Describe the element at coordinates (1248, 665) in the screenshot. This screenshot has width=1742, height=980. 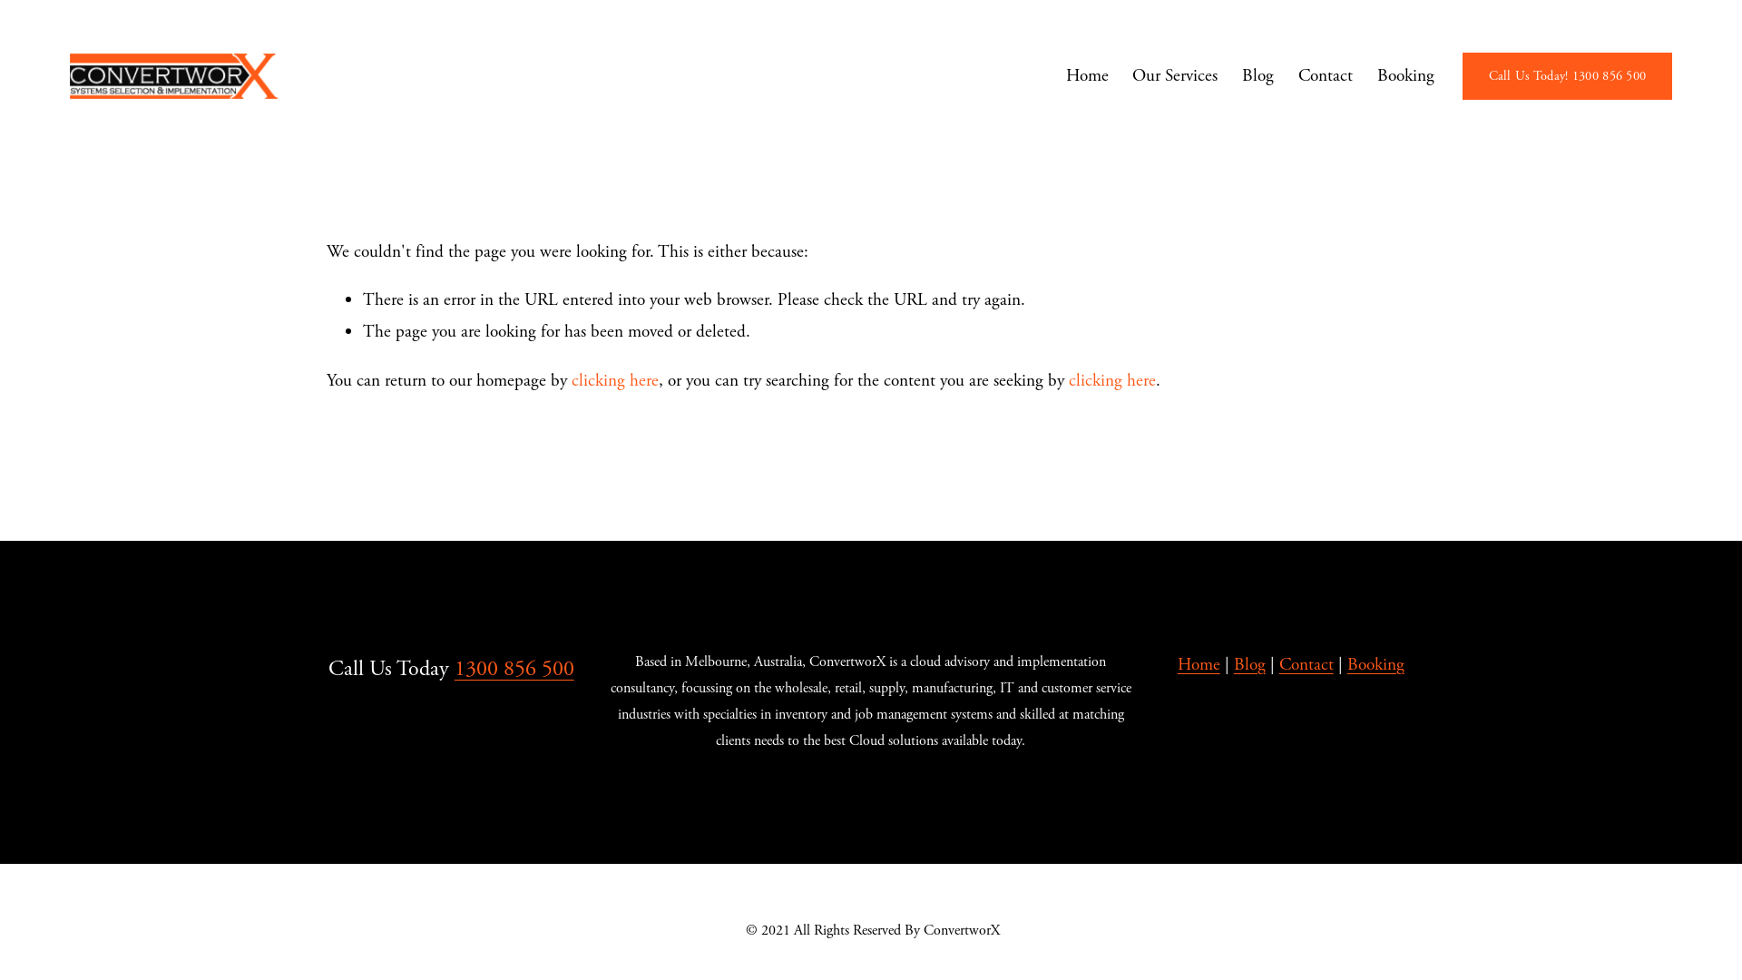
I see `'Blog'` at that location.